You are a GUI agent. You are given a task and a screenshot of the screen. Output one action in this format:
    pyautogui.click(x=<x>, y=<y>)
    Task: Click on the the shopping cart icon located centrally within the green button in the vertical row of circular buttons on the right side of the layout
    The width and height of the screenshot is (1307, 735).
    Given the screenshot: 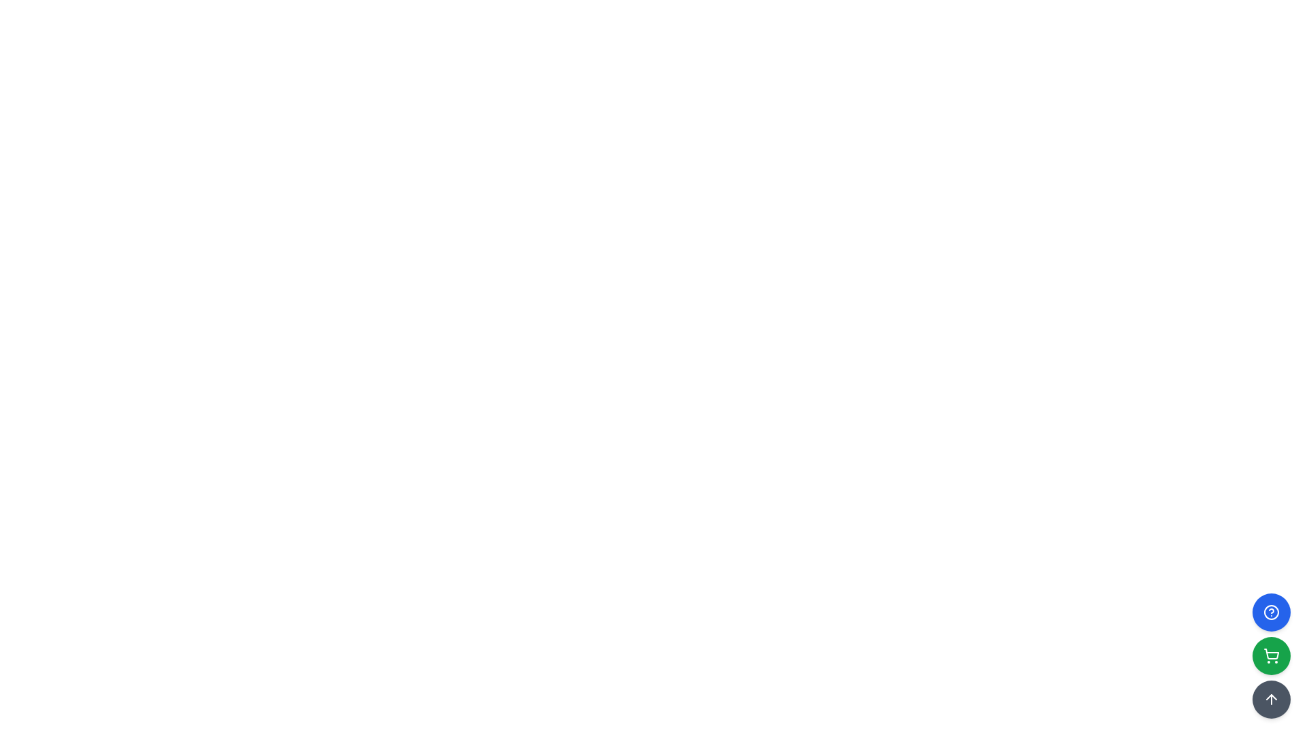 What is the action you would take?
    pyautogui.click(x=1271, y=653)
    